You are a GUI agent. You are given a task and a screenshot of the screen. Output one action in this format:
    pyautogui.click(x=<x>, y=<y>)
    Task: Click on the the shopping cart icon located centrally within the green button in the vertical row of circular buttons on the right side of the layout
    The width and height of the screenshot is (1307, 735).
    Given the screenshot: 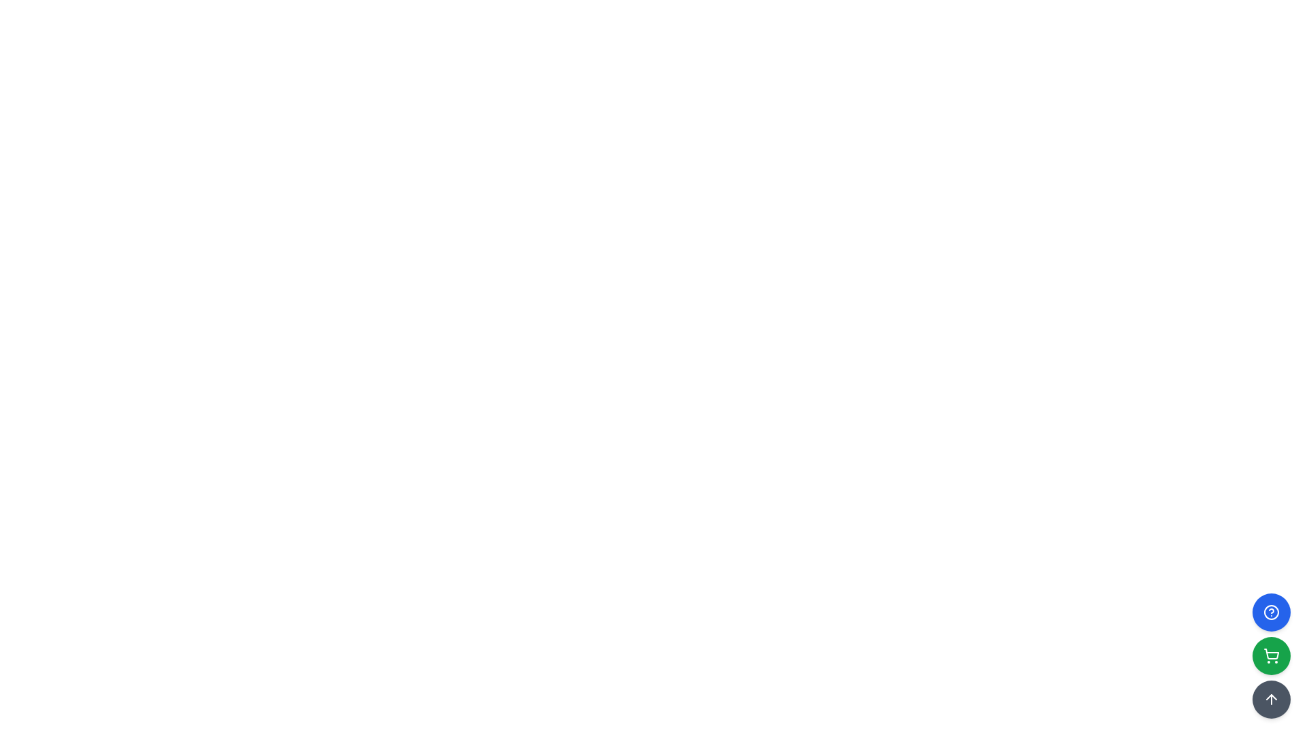 What is the action you would take?
    pyautogui.click(x=1271, y=653)
    